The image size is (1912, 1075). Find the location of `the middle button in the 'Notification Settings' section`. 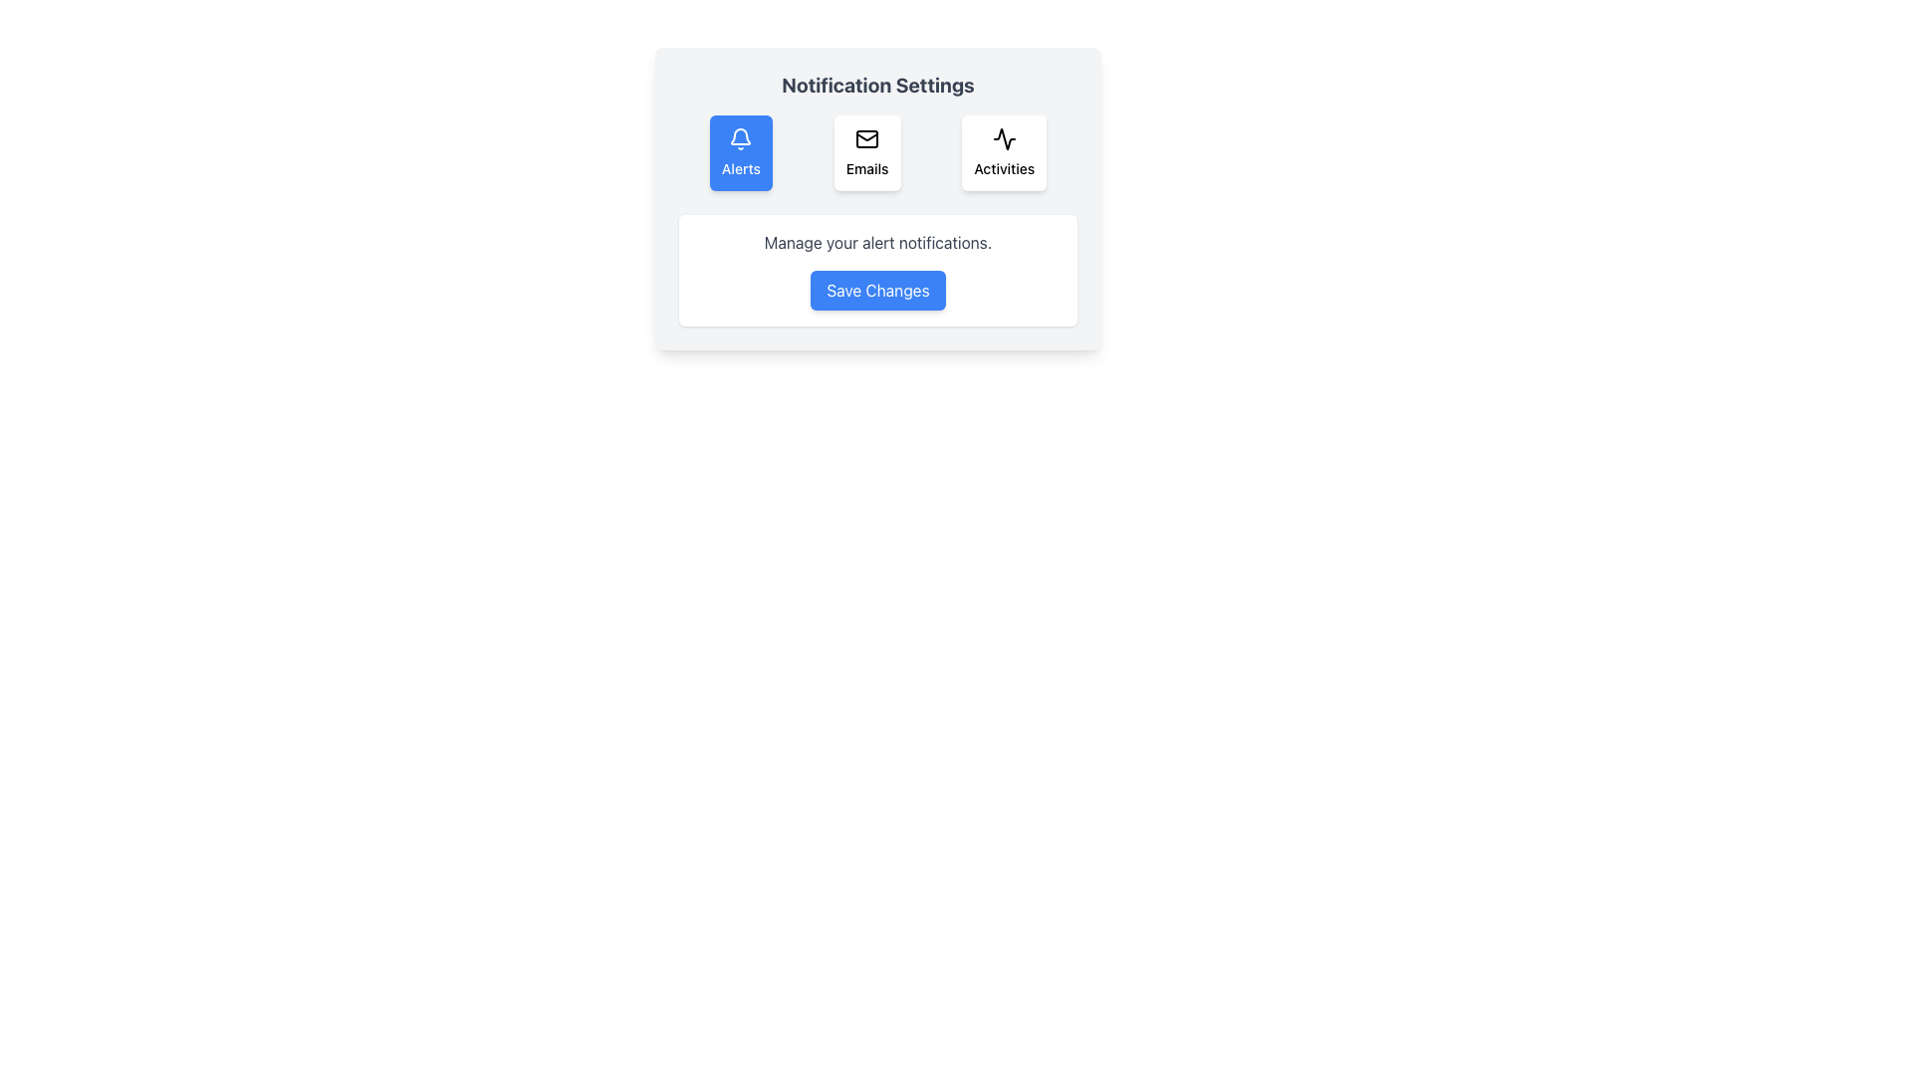

the middle button in the 'Notification Settings' section is located at coordinates (867, 152).